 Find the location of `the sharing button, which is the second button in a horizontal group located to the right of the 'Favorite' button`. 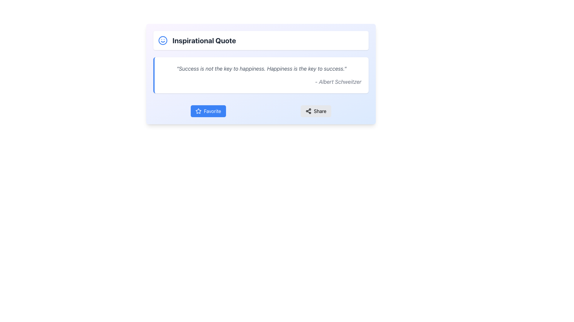

the sharing button, which is the second button in a horizontal group located to the right of the 'Favorite' button is located at coordinates (315, 111).